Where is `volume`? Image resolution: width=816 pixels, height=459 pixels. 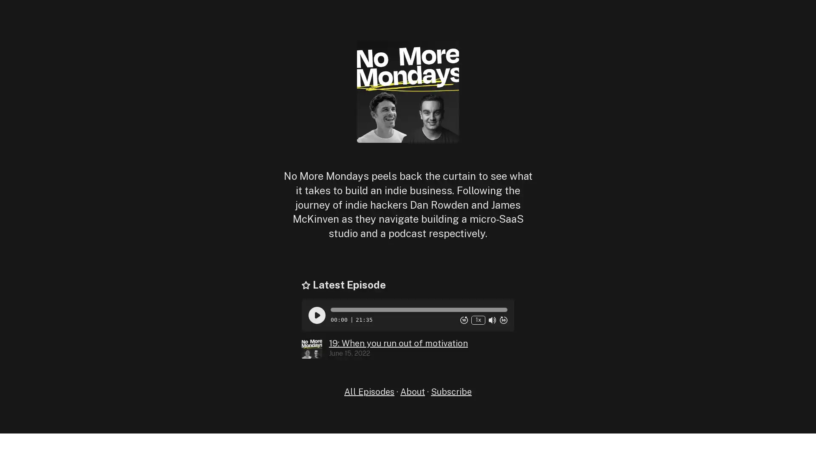 volume is located at coordinates (492, 320).